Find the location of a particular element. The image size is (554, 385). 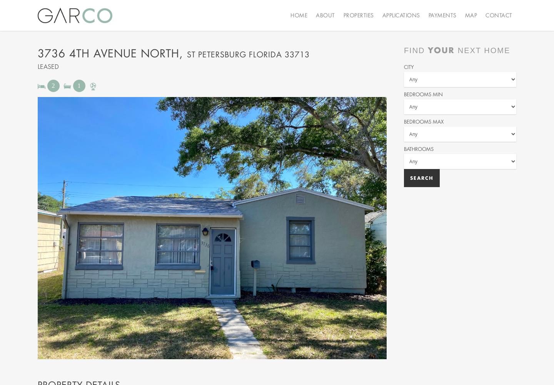

'Bedrooms Max' is located at coordinates (423, 121).